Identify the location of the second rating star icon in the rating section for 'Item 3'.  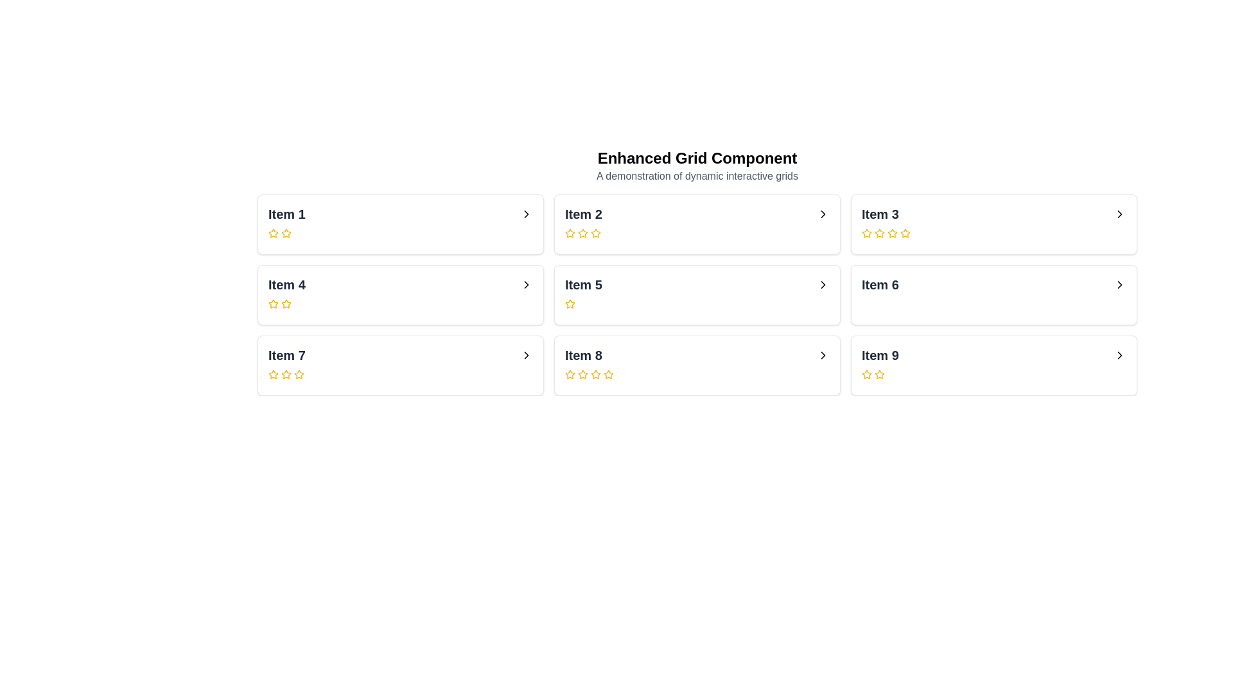
(892, 233).